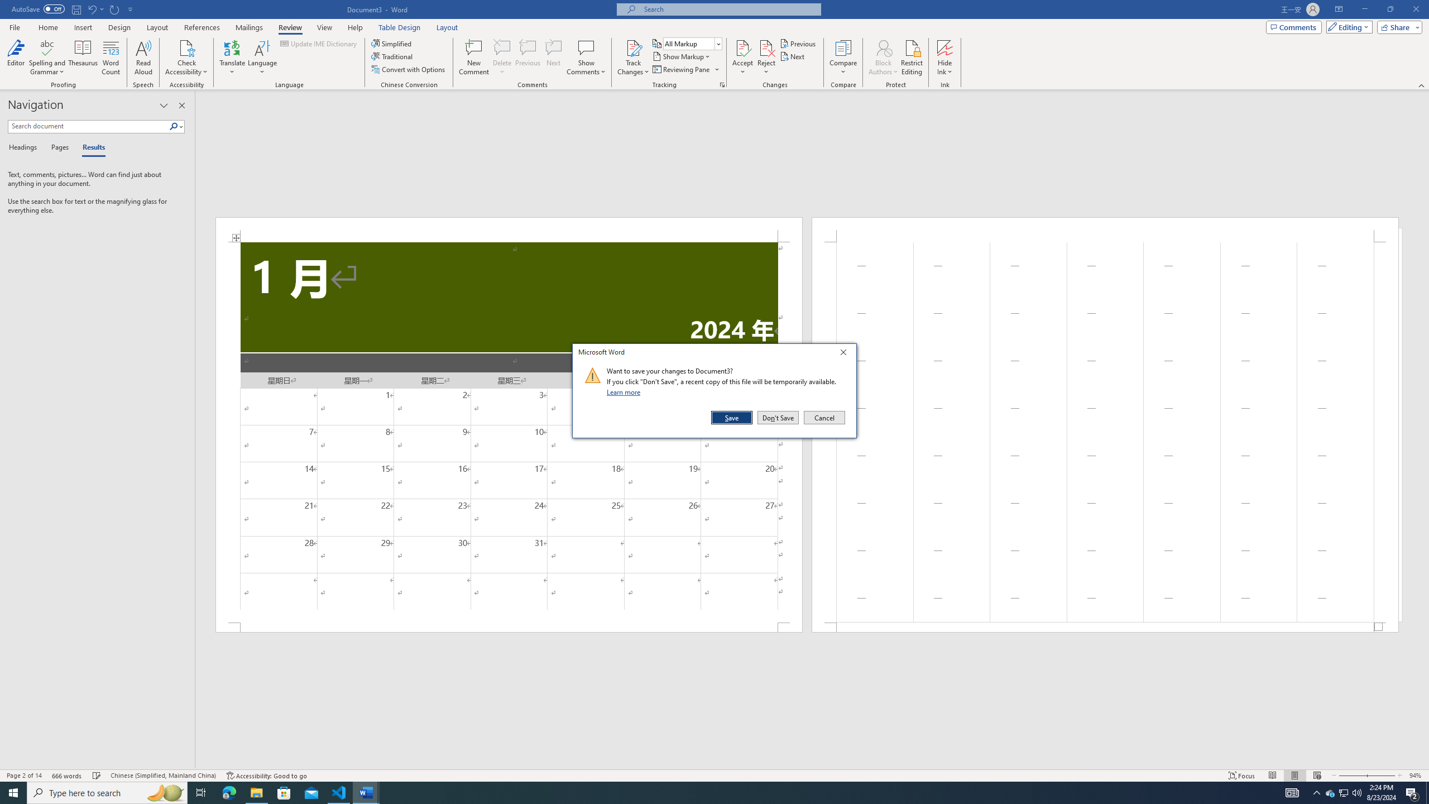  Describe the element at coordinates (682, 55) in the screenshot. I see `'Show Markup'` at that location.